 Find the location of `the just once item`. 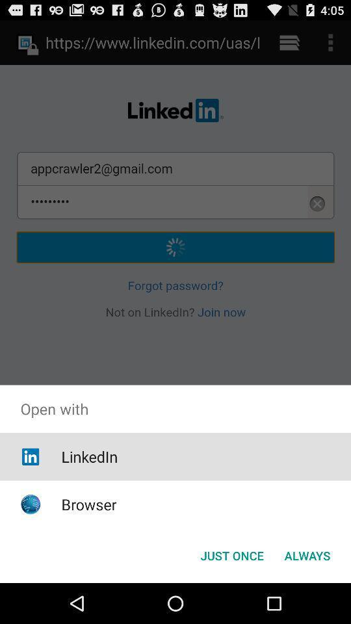

the just once item is located at coordinates (231, 554).